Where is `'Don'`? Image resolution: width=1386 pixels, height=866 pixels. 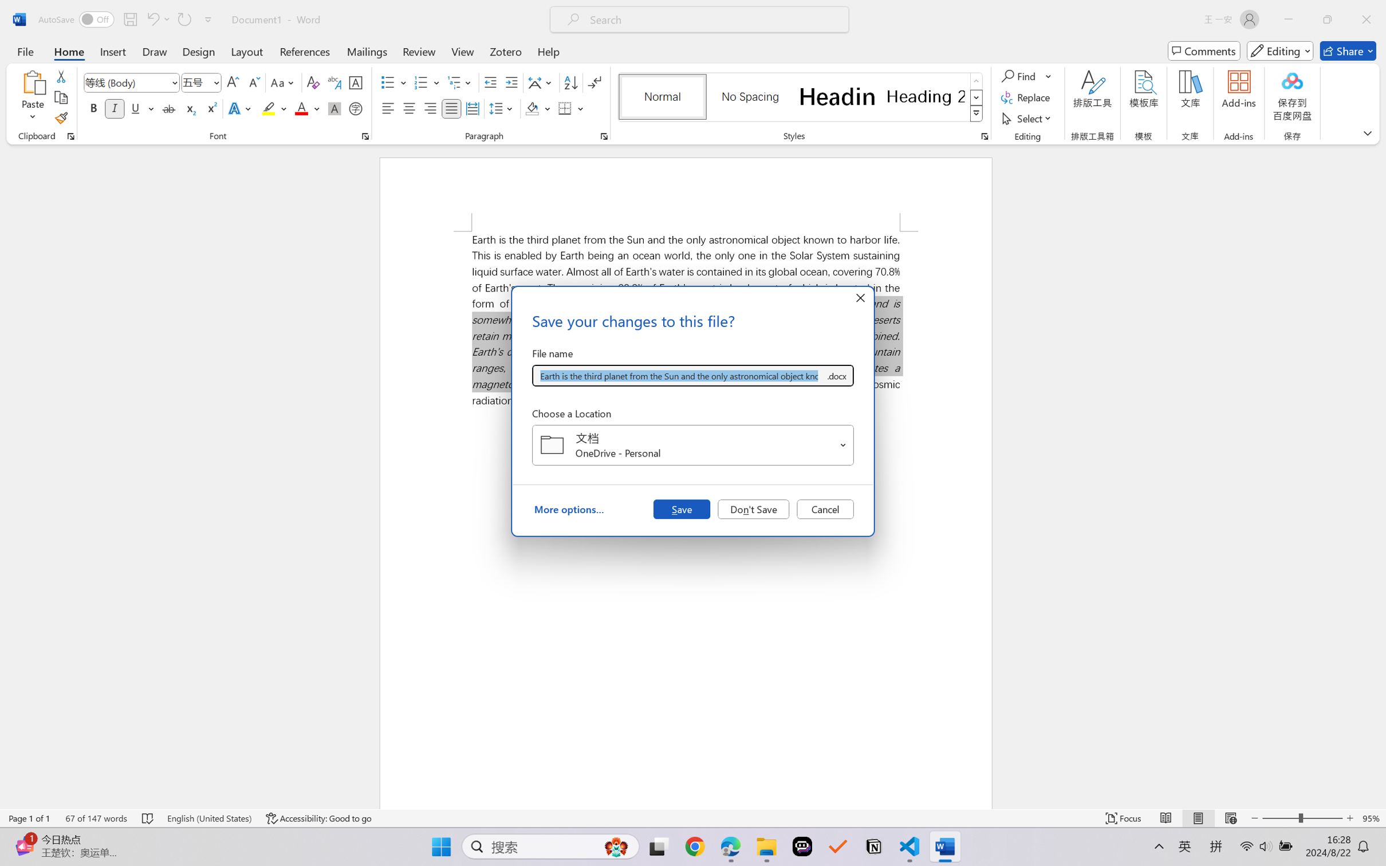
'Don' is located at coordinates (753, 508).